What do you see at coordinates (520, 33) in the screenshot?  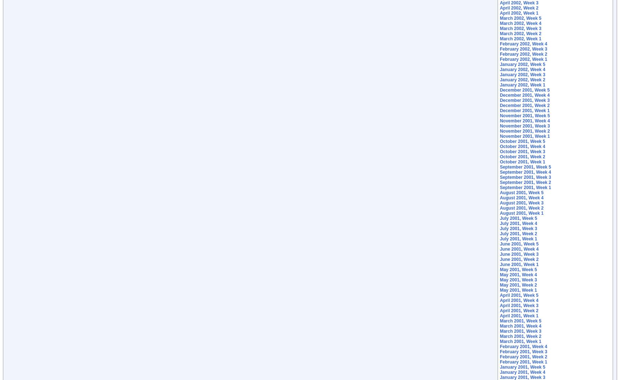 I see `'March 2002, Week 2'` at bounding box center [520, 33].